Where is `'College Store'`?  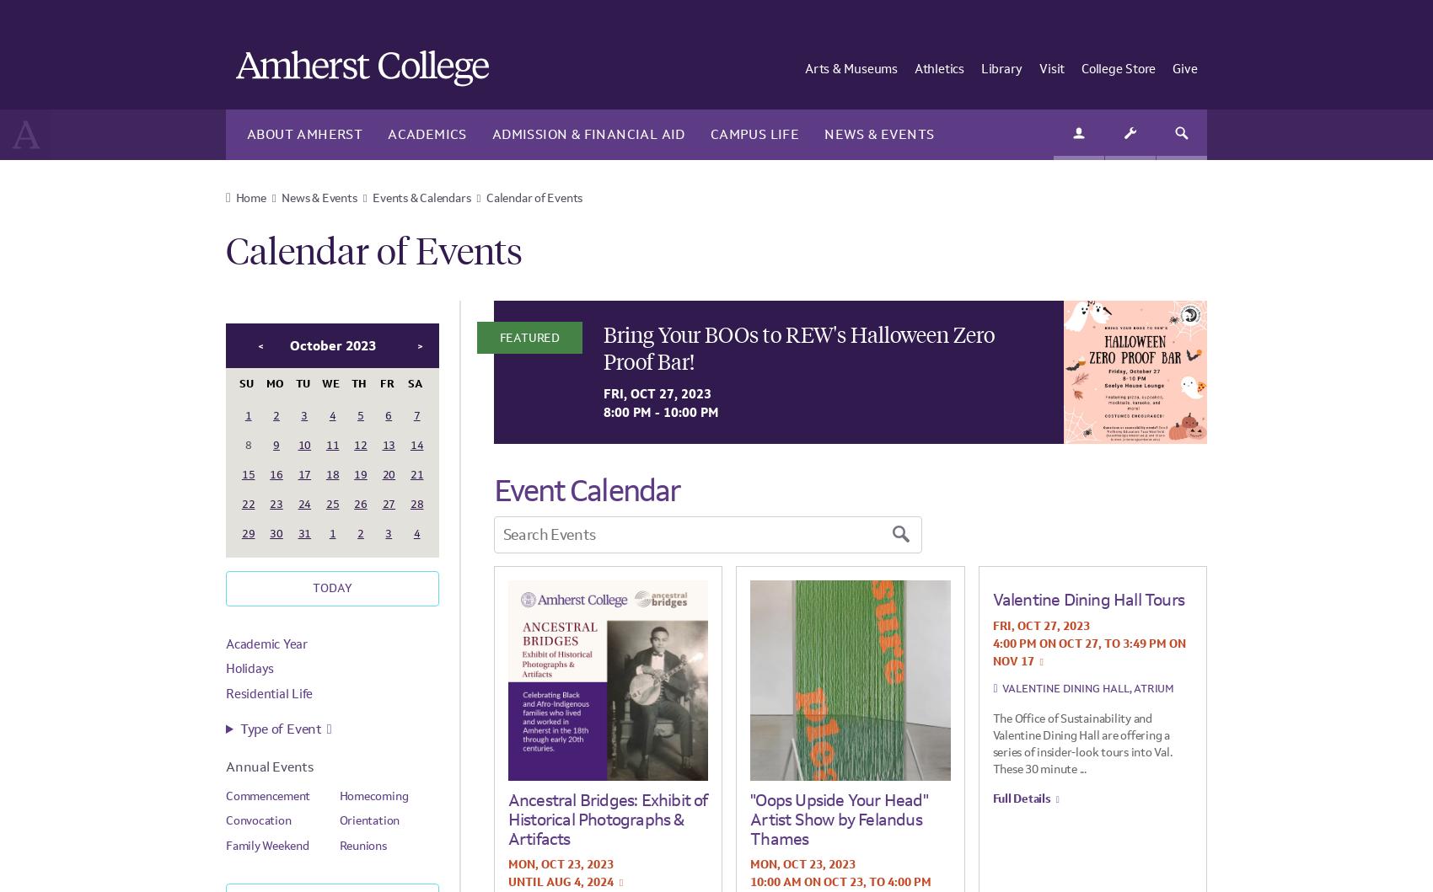 'College Store' is located at coordinates (1119, 68).